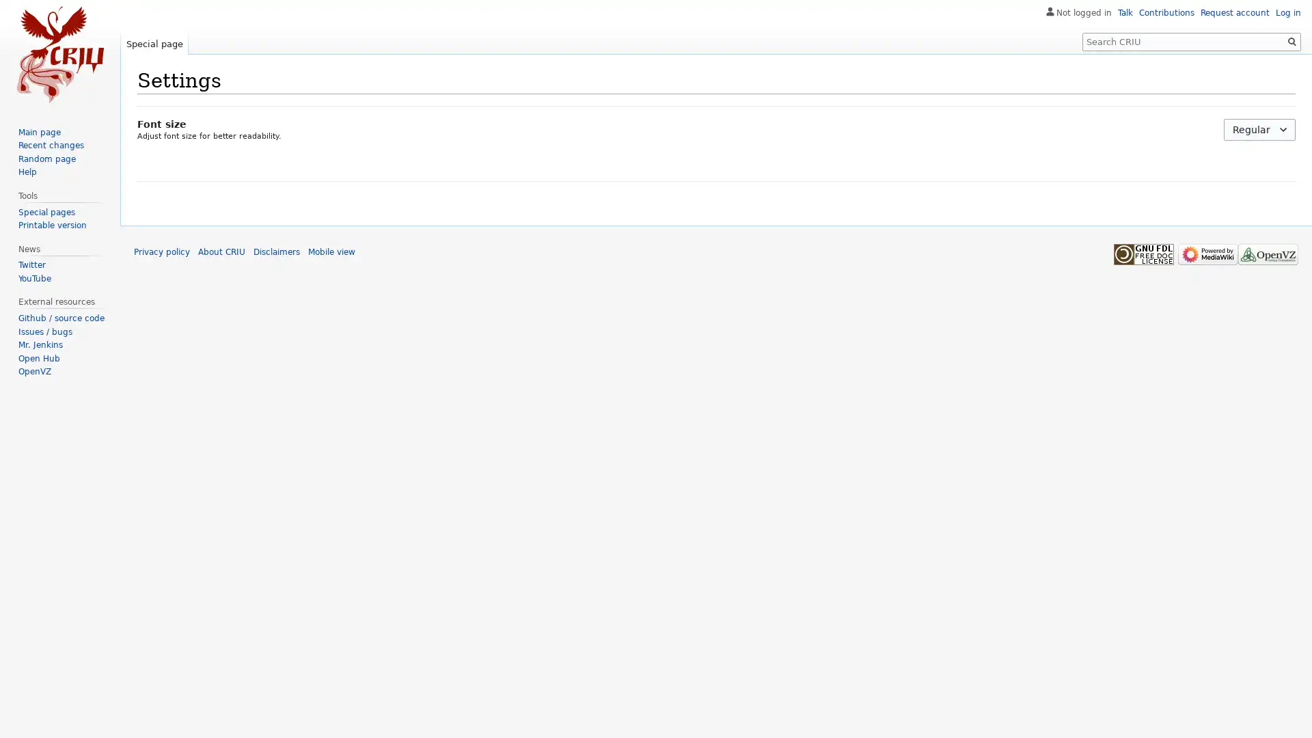  Describe the element at coordinates (1291, 41) in the screenshot. I see `Go` at that location.